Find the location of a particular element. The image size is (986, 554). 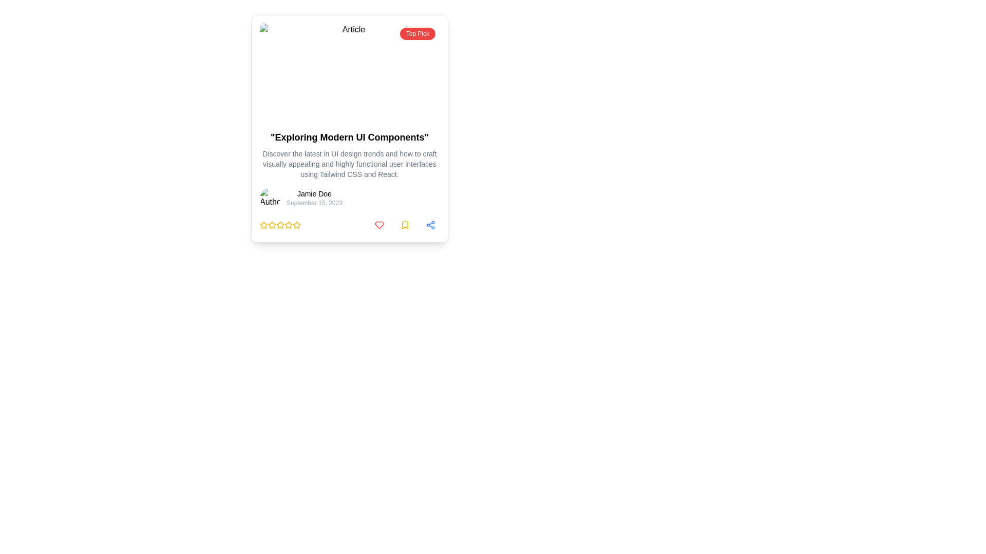

the fifth star icon in the 10-star rating system to interact with it is located at coordinates (280, 225).